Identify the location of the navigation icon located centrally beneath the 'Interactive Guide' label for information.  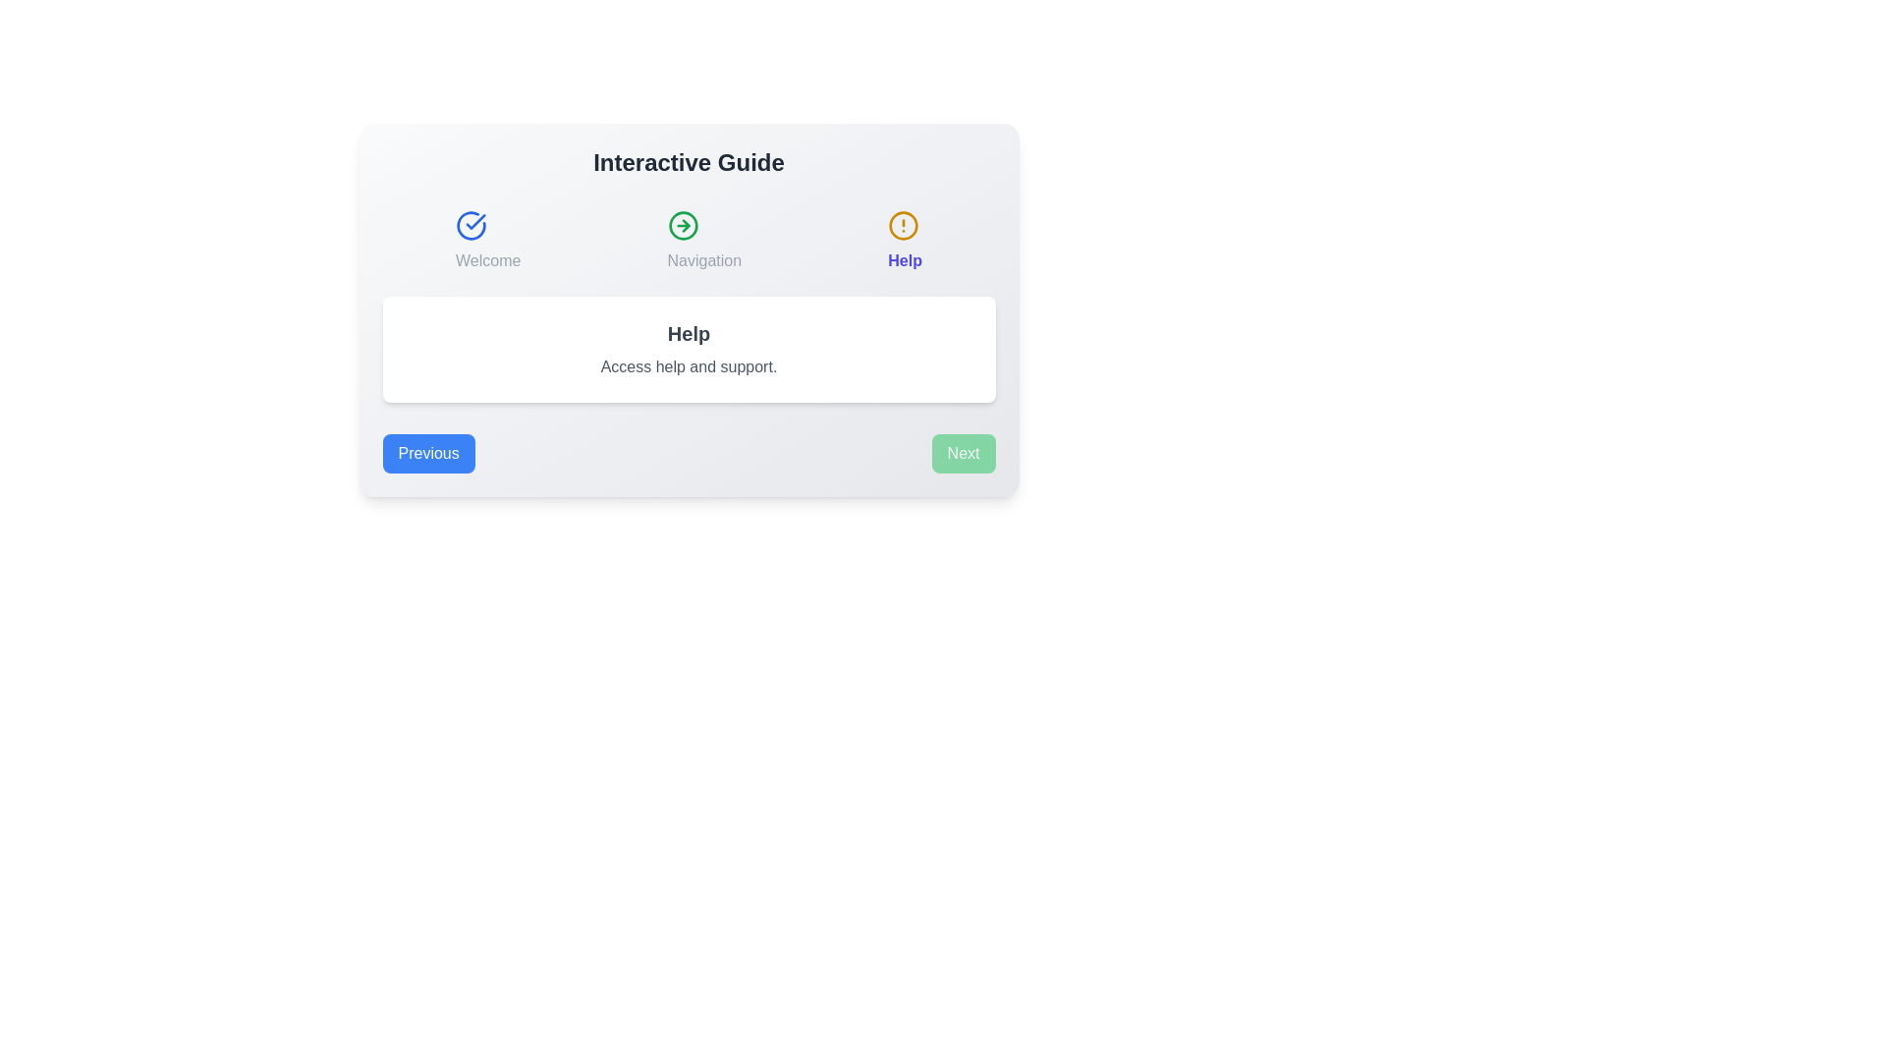
(683, 225).